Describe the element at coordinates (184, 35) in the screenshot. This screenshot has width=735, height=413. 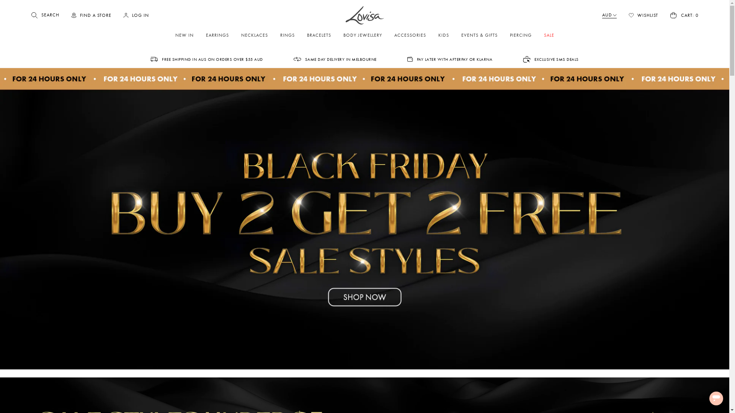
I see `'NEW IN'` at that location.